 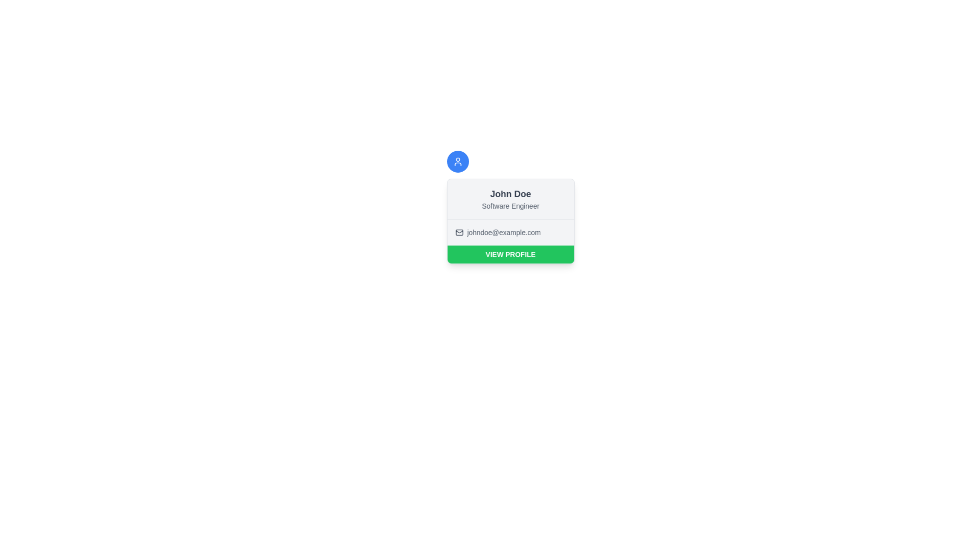 What do you see at coordinates (459, 233) in the screenshot?
I see `the envelope icon representing the email feature located in the profile card near the email address text 'johndoe@example.com'` at bounding box center [459, 233].